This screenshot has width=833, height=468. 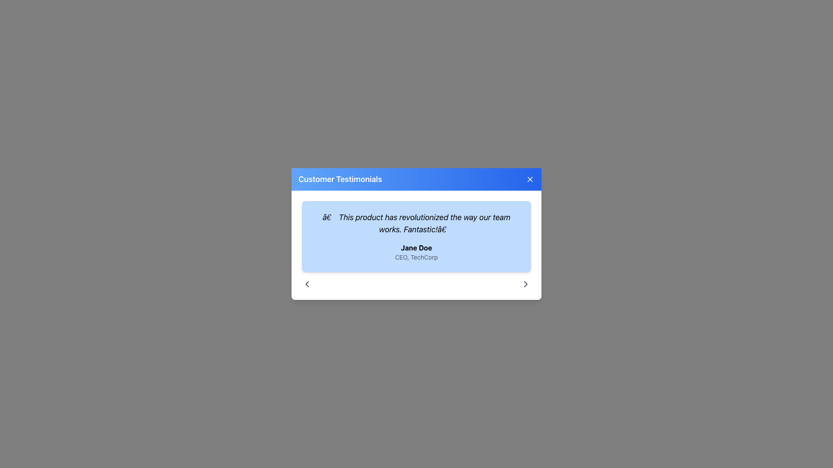 I want to click on the testimonial text displaying: 'This product has revolutionized the way our team works. Fantastic!' in the modal dialog labeled 'Customer Testimonials', so click(x=416, y=223).